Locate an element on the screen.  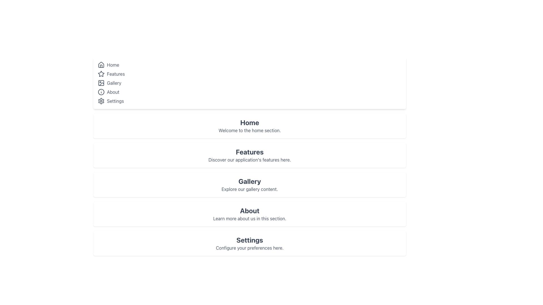
the circular outline of the informational icon representing the 'About' menu option in the sidebar navigation is located at coordinates (101, 92).